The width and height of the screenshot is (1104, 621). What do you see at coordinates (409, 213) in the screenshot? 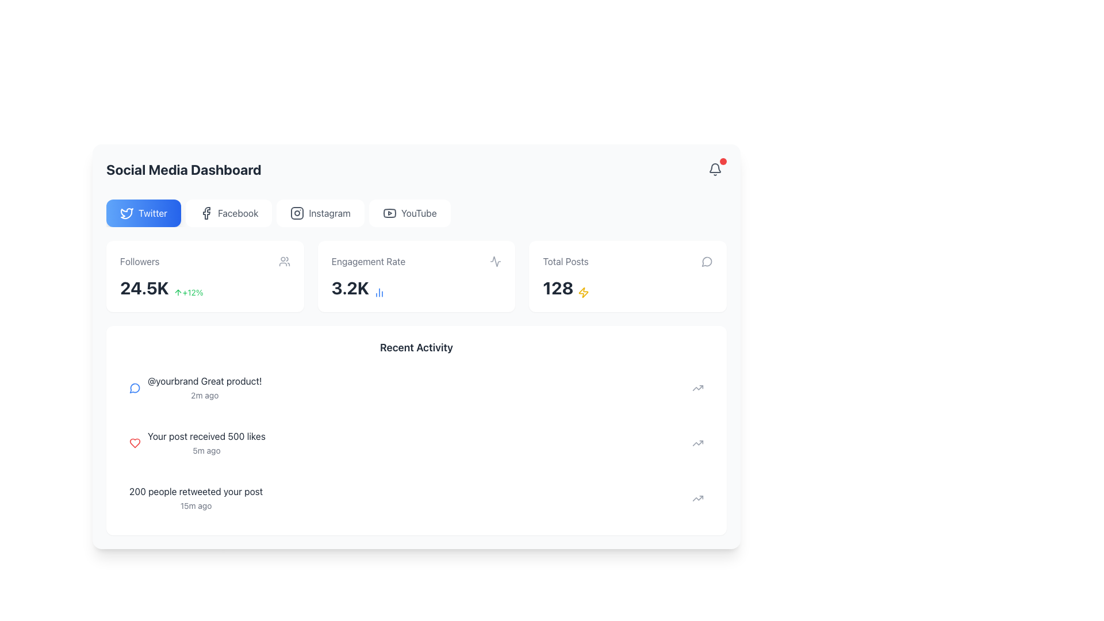
I see `the fourth button labeled 'YouTube' with a white background and a play button icon, located in the row of social media buttons above the dashboard metrics` at bounding box center [409, 213].